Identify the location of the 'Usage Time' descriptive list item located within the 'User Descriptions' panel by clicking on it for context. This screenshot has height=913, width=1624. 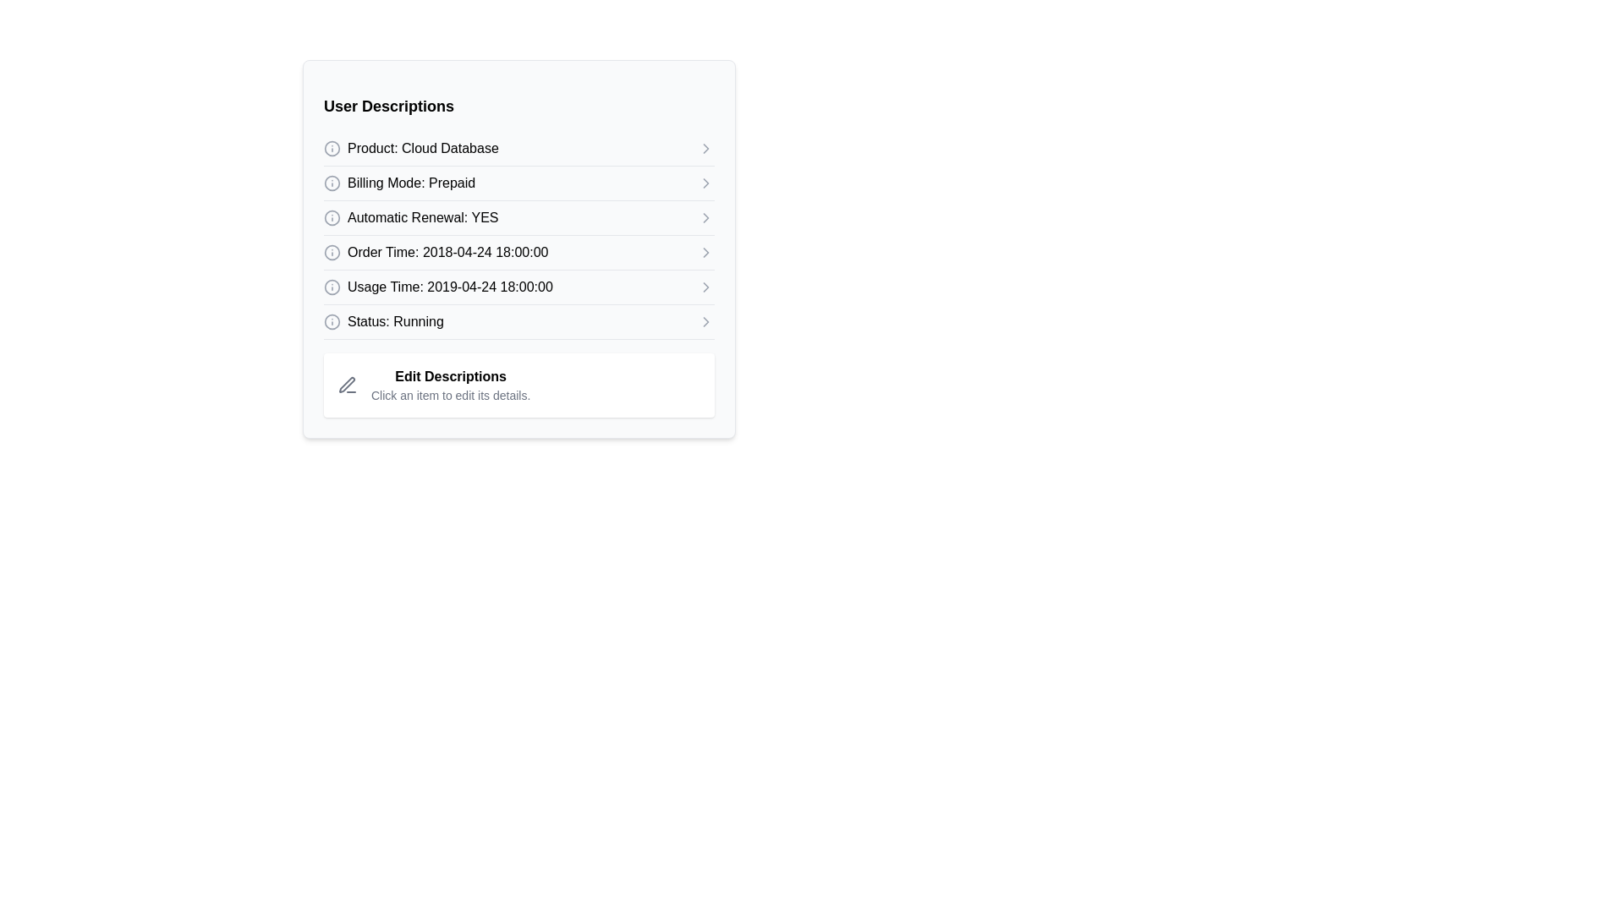
(438, 286).